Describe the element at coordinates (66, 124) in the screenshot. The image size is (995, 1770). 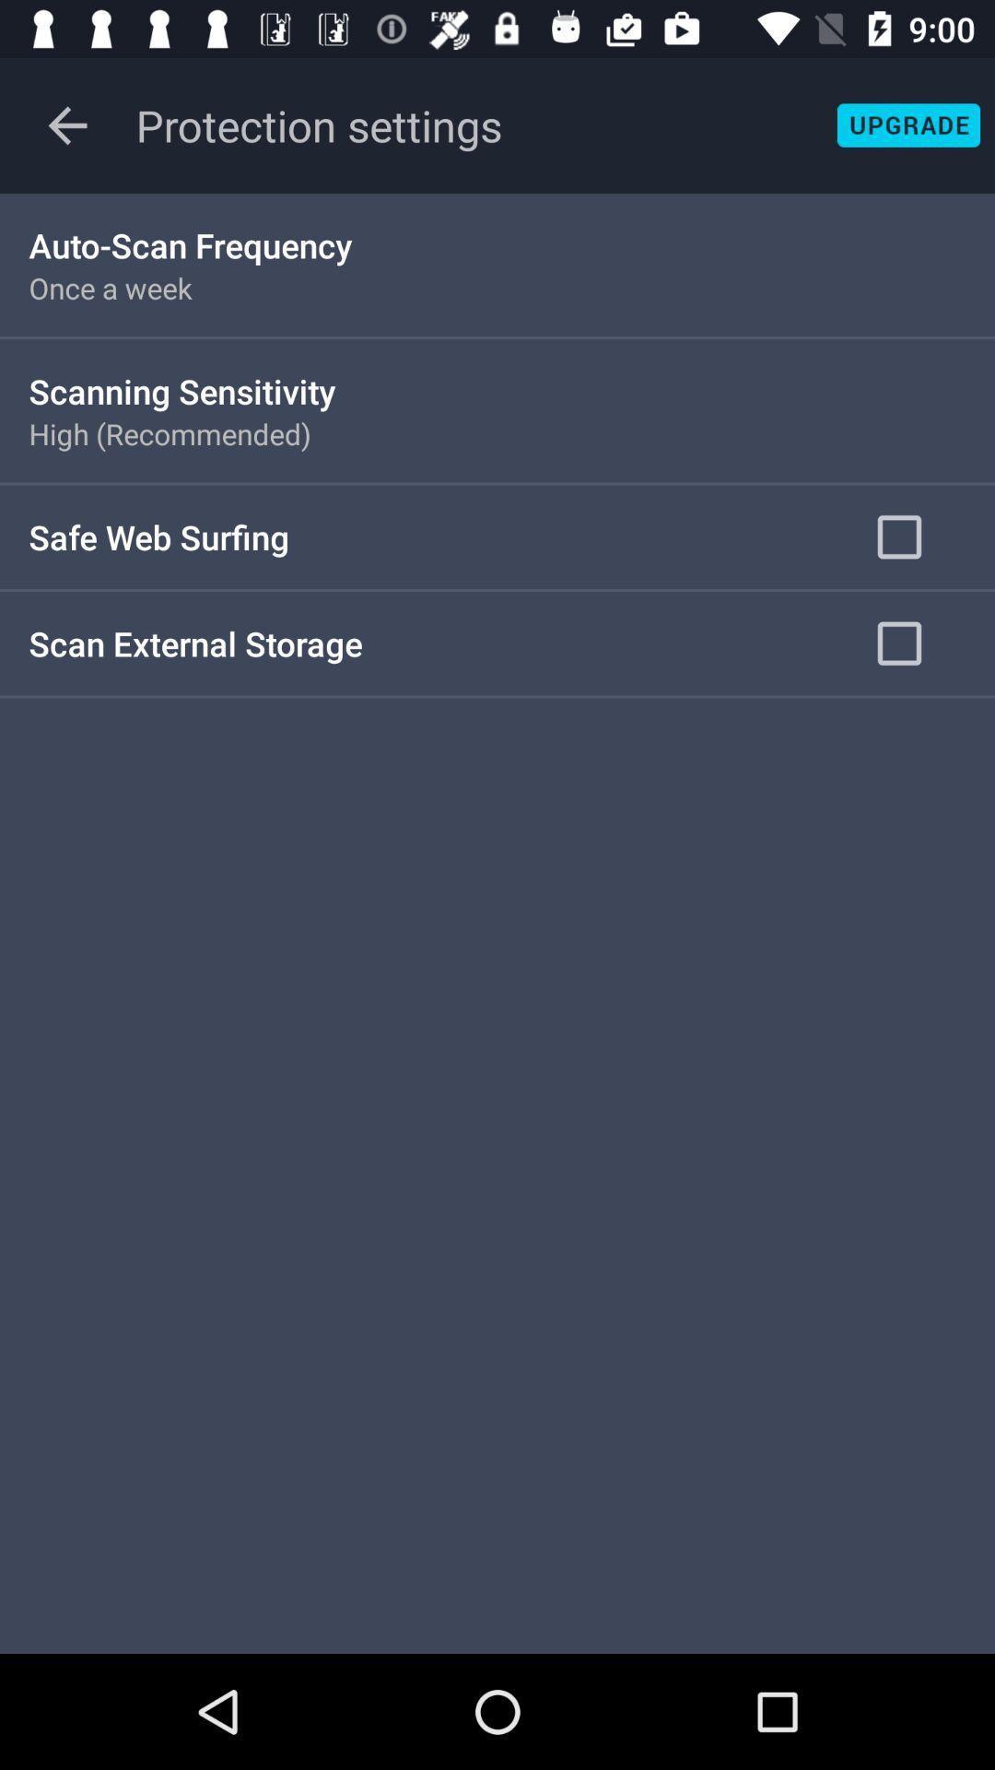
I see `go back` at that location.